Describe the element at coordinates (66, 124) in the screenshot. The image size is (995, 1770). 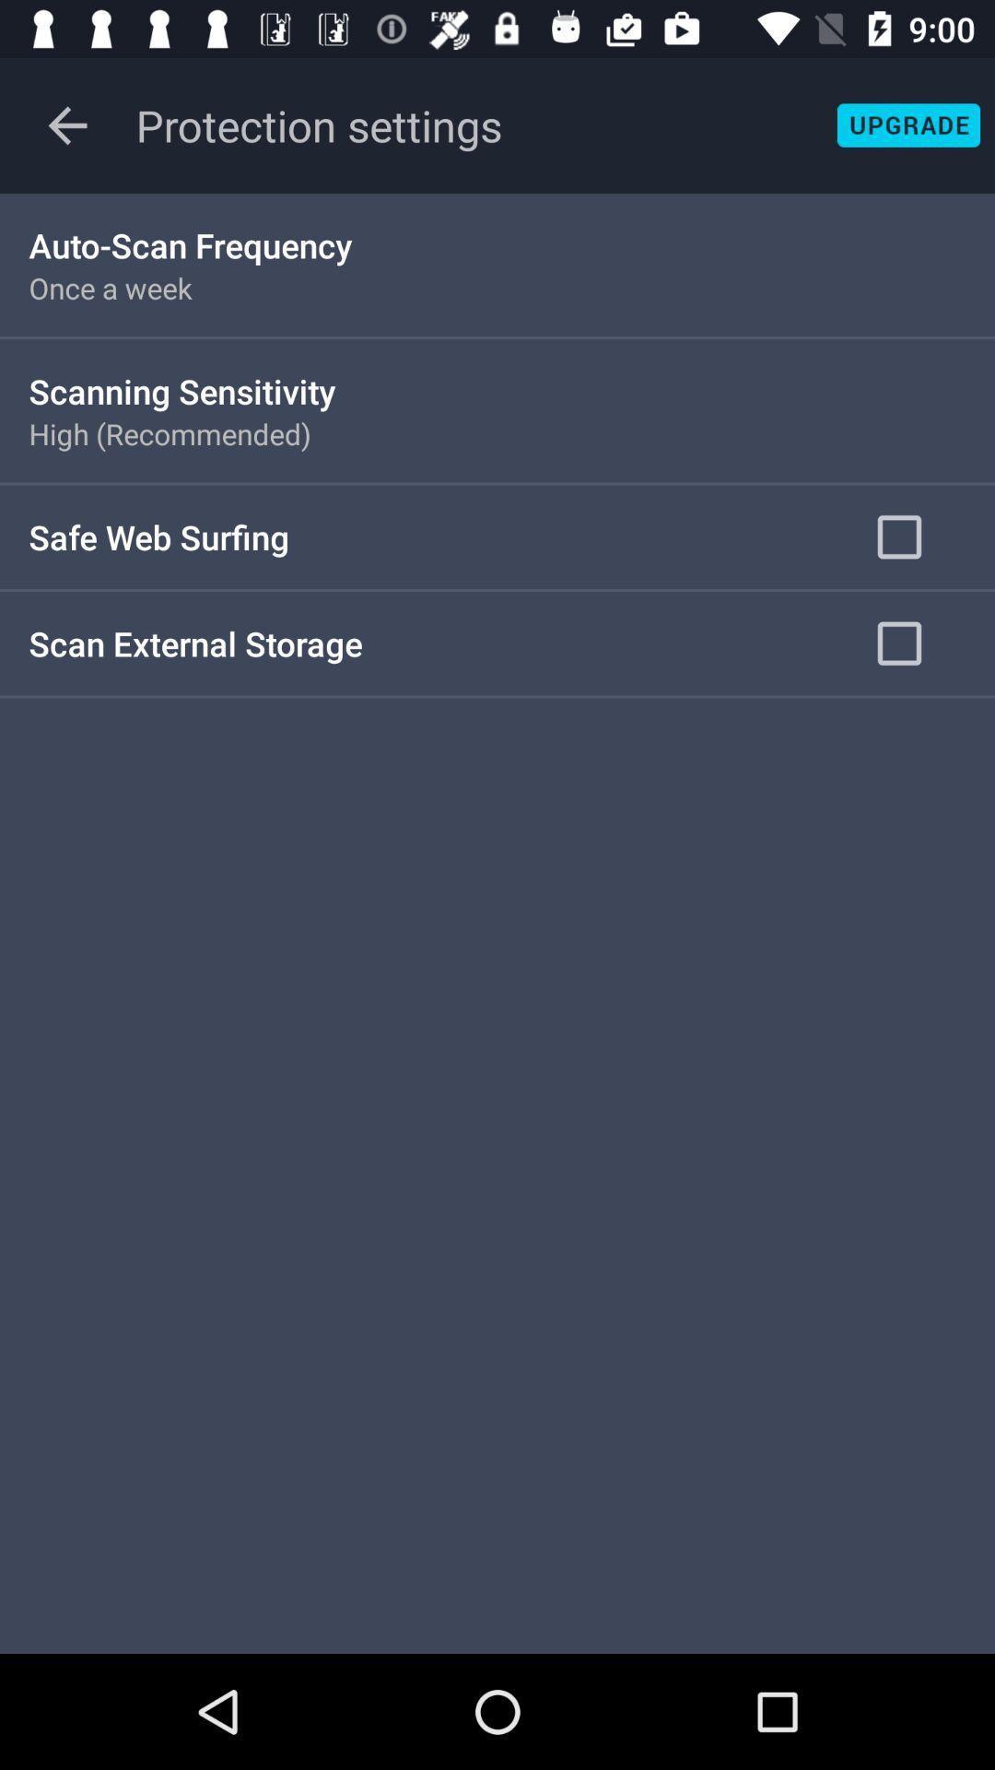
I see `go back` at that location.